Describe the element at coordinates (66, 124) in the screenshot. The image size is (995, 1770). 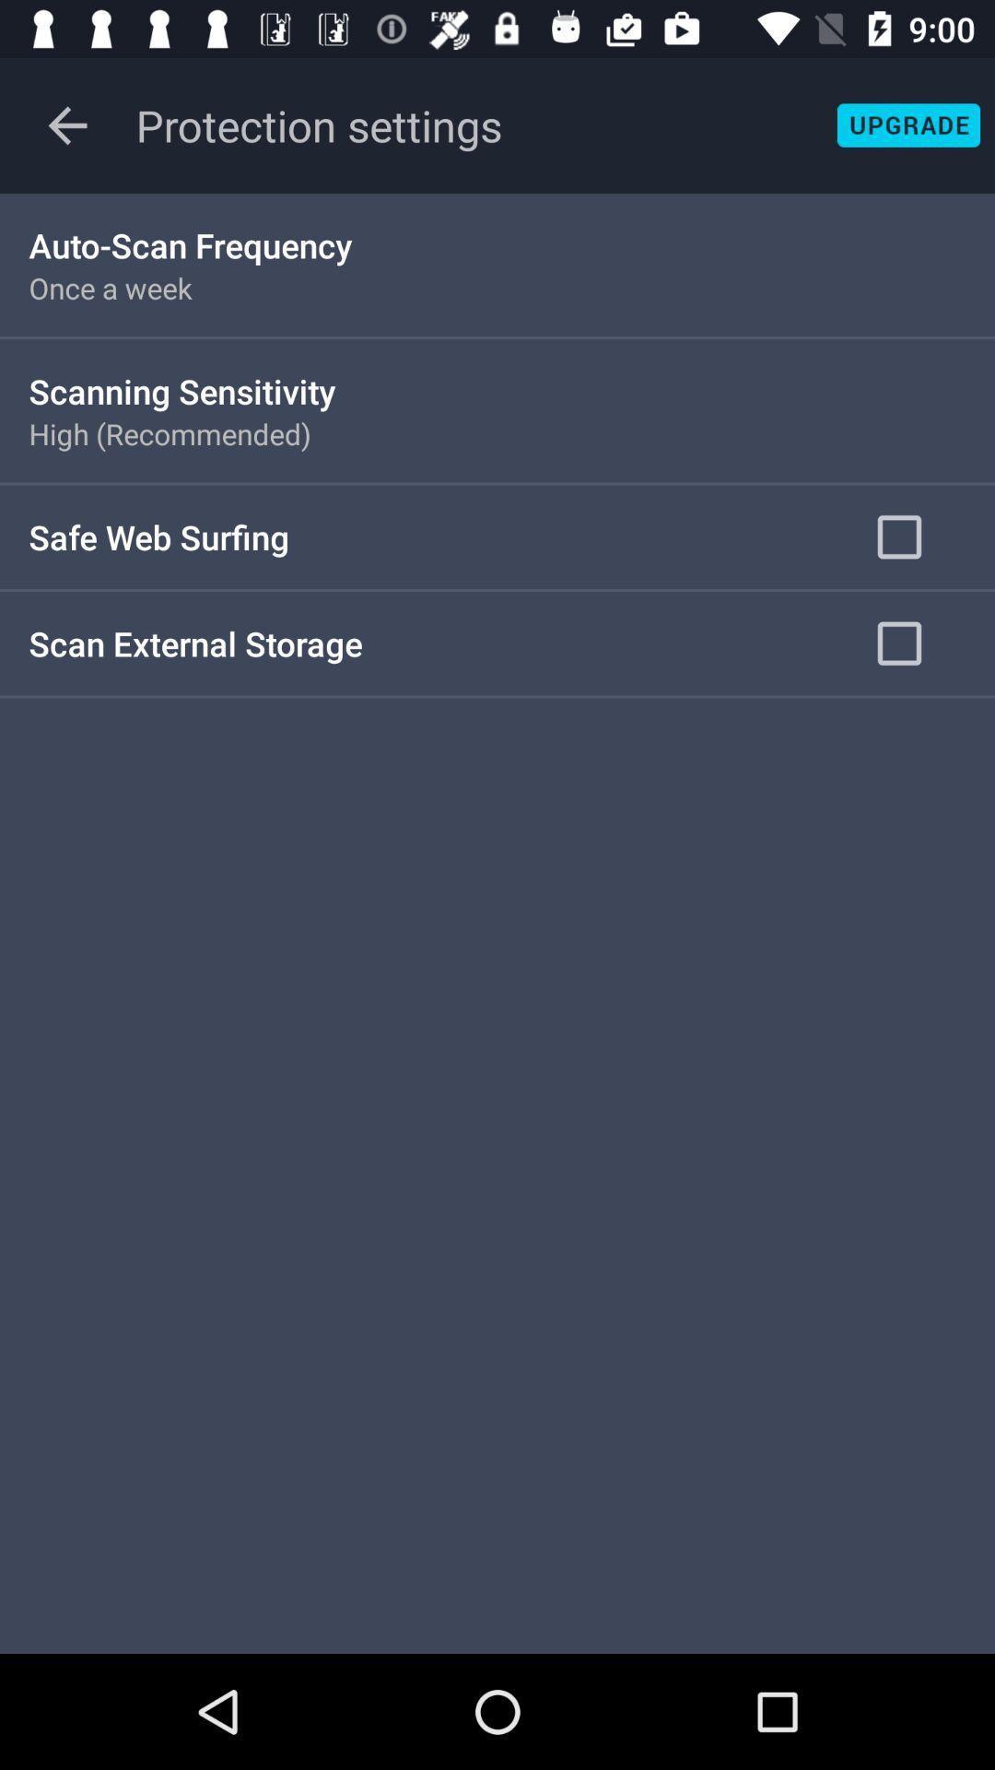
I see `go back` at that location.